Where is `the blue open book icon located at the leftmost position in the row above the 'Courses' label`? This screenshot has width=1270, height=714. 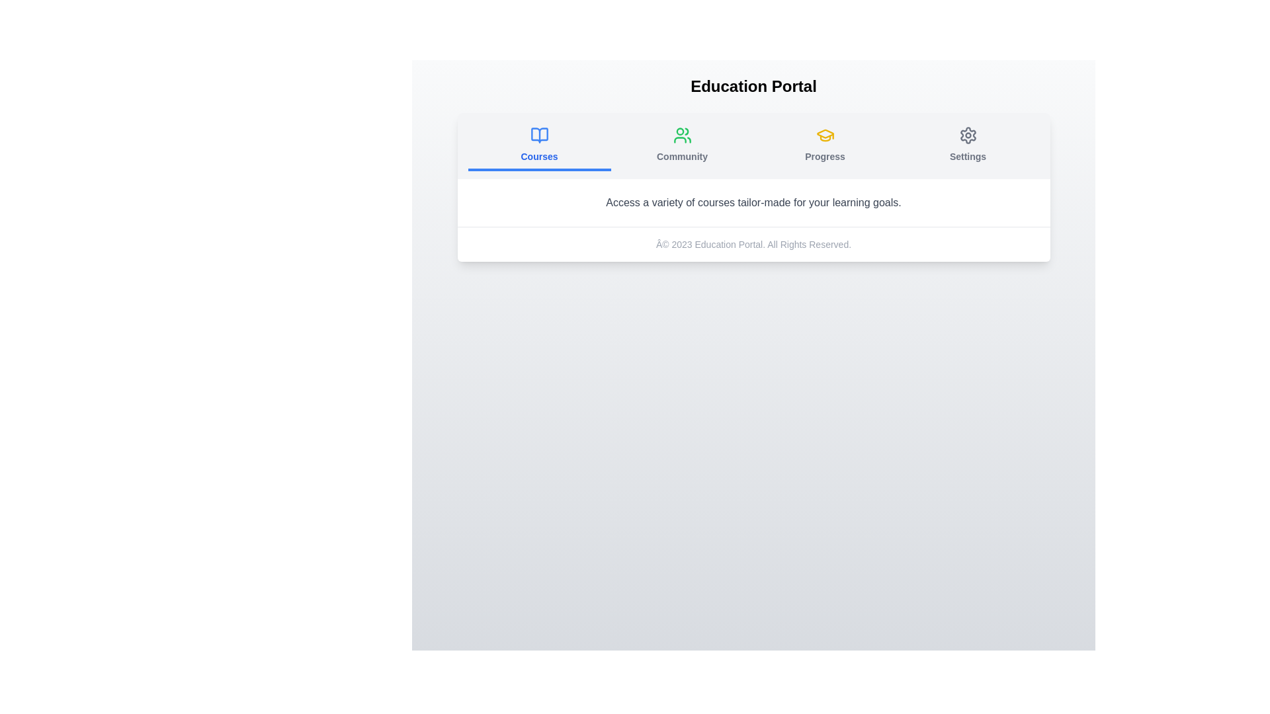
the blue open book icon located at the leftmost position in the row above the 'Courses' label is located at coordinates (539, 135).